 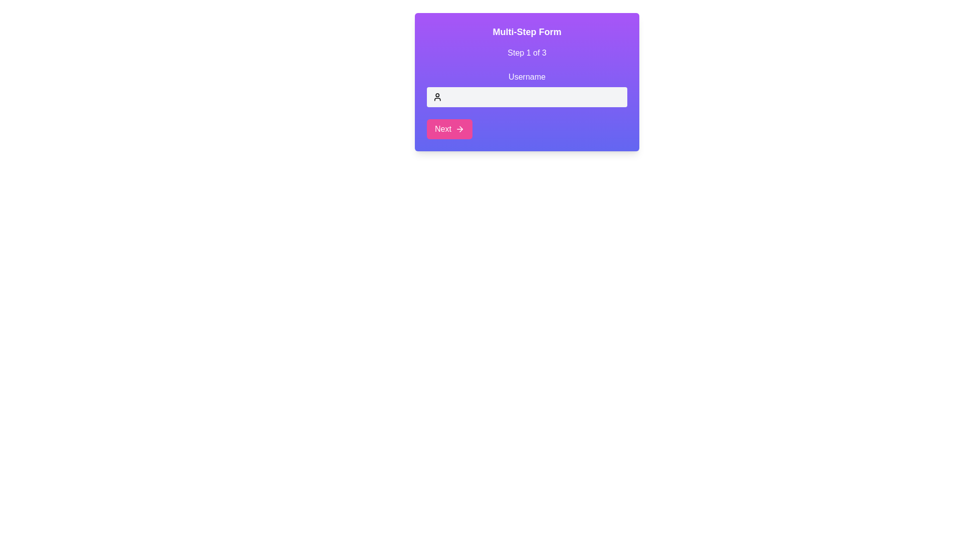 I want to click on the 'Next' button which is styled with a pink background, has rounded corners, and contains a bold label aligned to the left of an arrow icon, so click(x=442, y=129).